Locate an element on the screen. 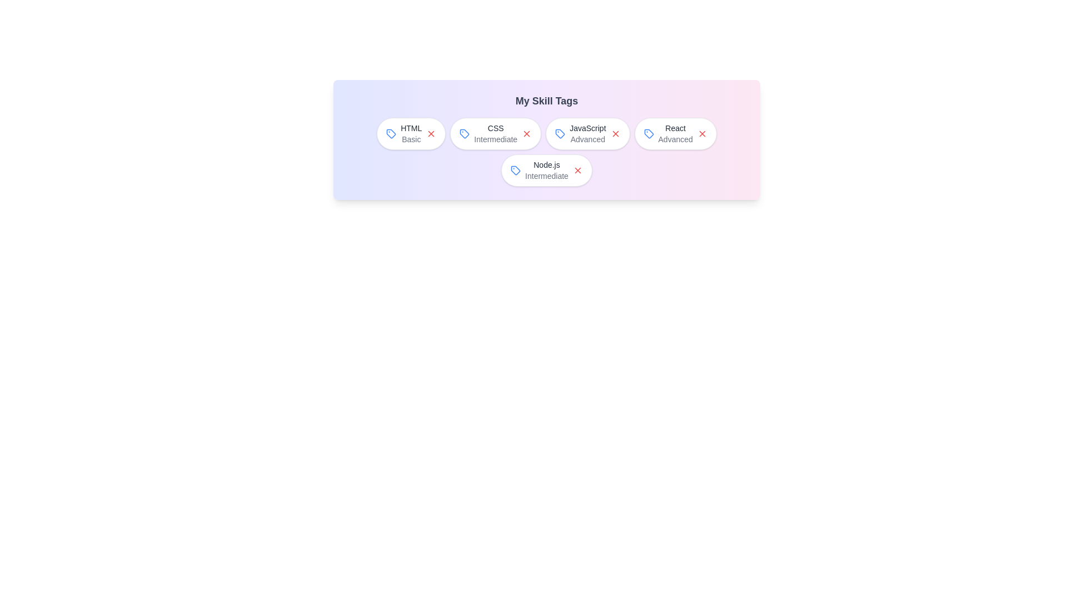 The height and width of the screenshot is (600, 1067). close button of the skill tag with label CSS is located at coordinates (526, 133).